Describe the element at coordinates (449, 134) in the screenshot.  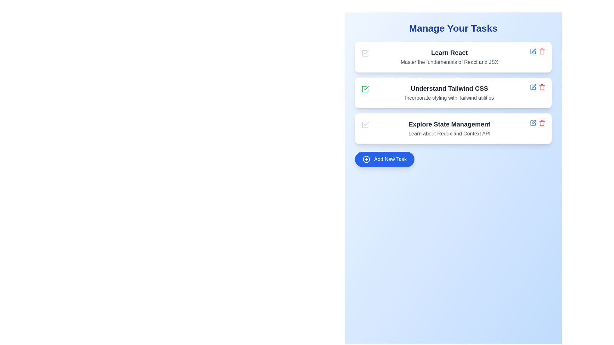
I see `the static text providing additional descriptive information under the heading 'Explore State Management' in the third task card` at that location.